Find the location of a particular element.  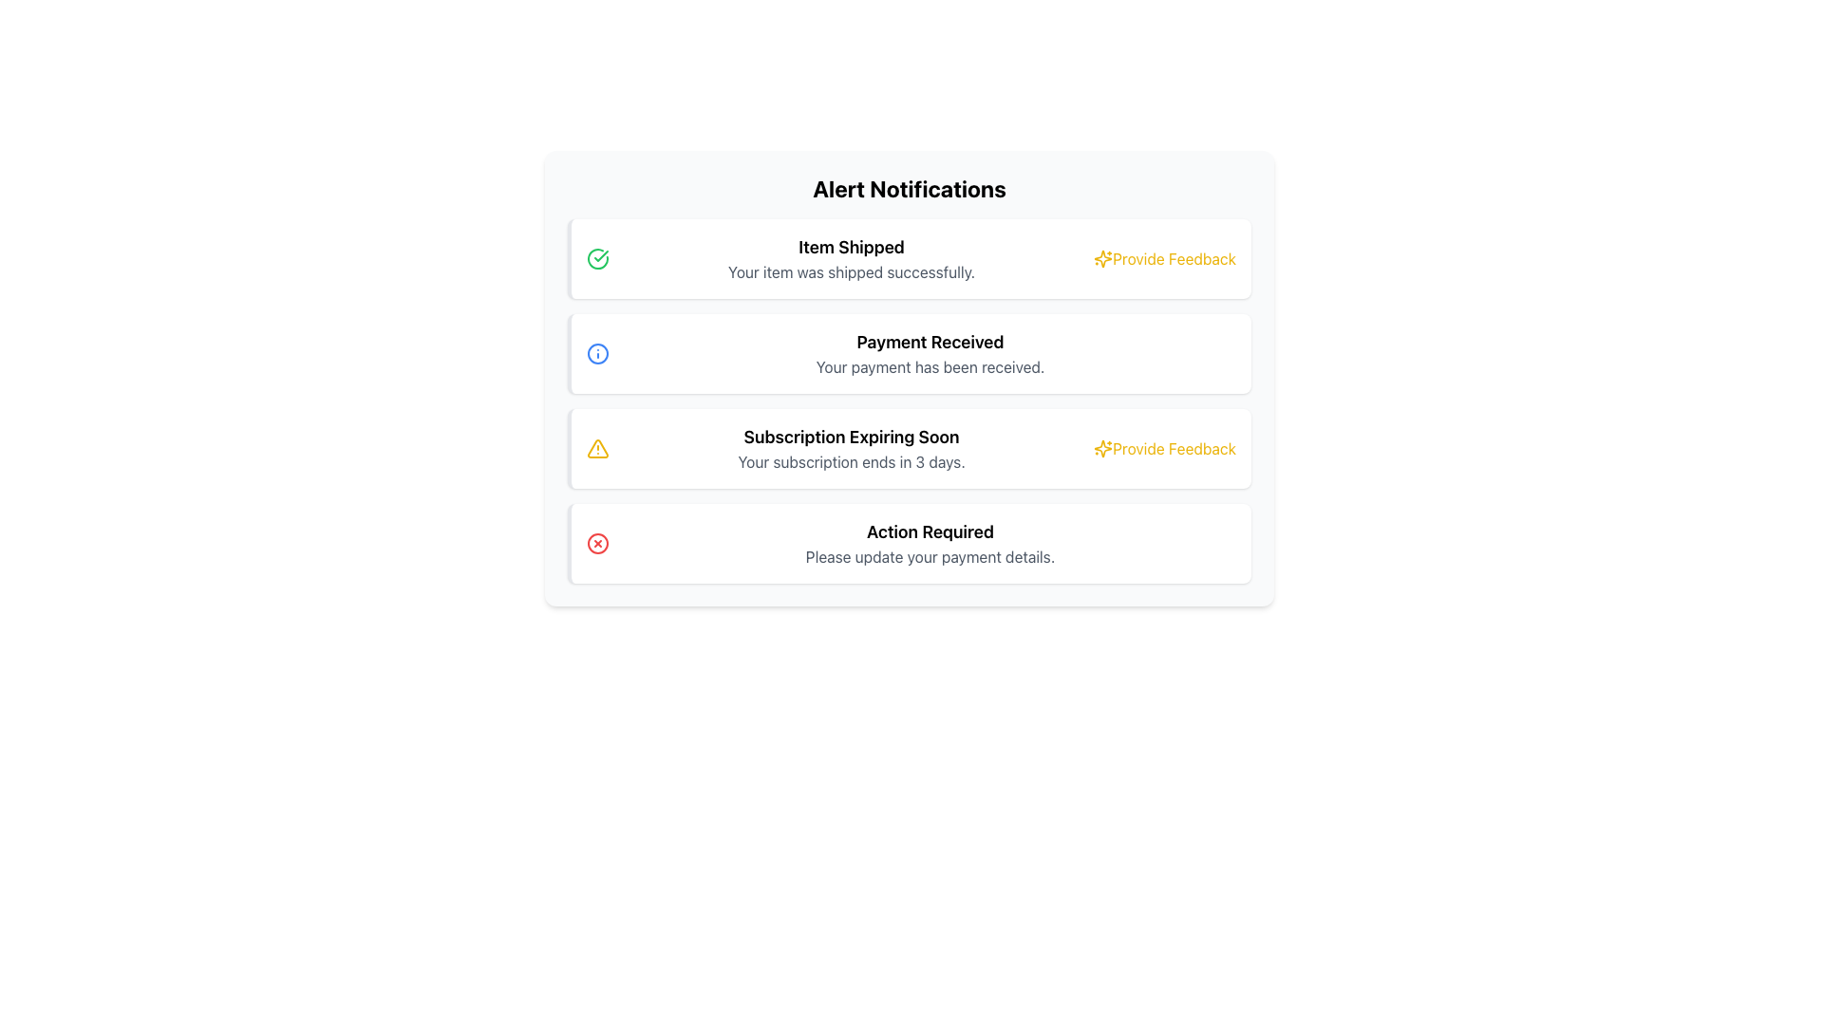

the Notification Card that confirms payment has been received successfully, located in the second row of the notification list is located at coordinates (909, 354).